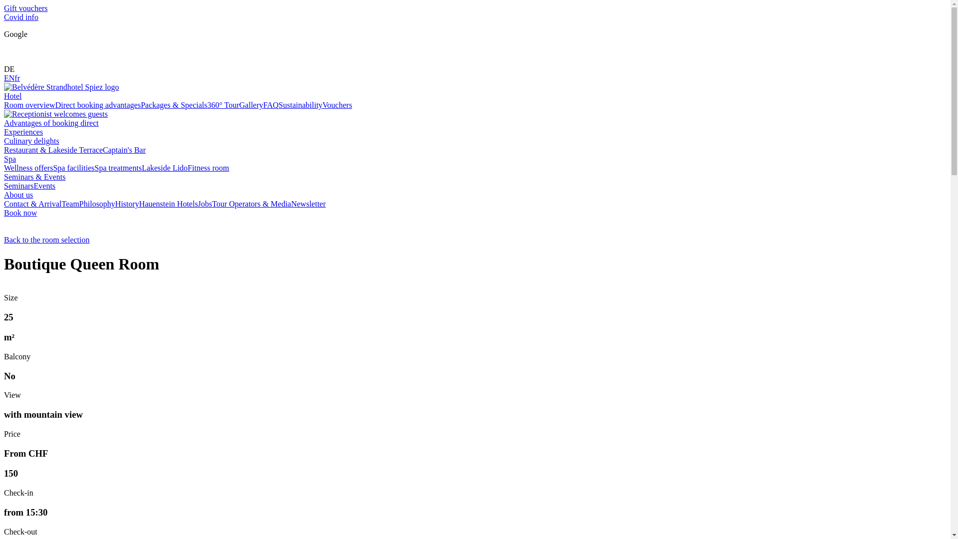  I want to click on 'Tour Operators & Media', so click(251, 203).